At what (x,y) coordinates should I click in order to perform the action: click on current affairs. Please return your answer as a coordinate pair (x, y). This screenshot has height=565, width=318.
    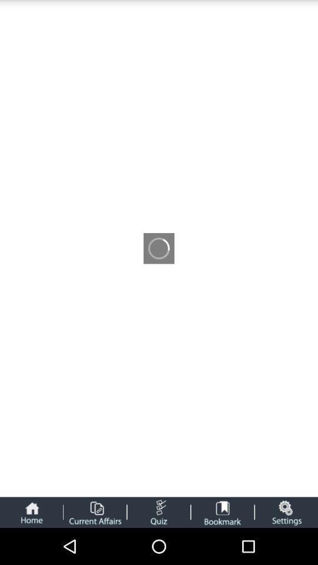
    Looking at the image, I should click on (94, 511).